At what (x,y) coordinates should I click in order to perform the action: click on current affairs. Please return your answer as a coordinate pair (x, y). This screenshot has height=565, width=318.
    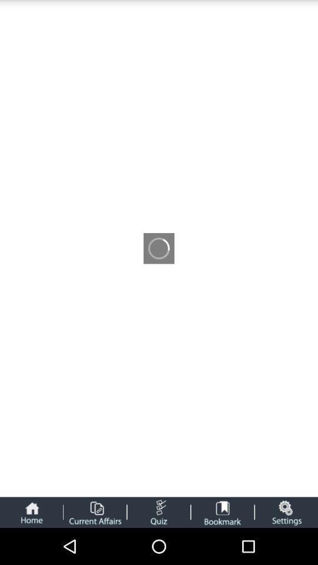
    Looking at the image, I should click on (94, 511).